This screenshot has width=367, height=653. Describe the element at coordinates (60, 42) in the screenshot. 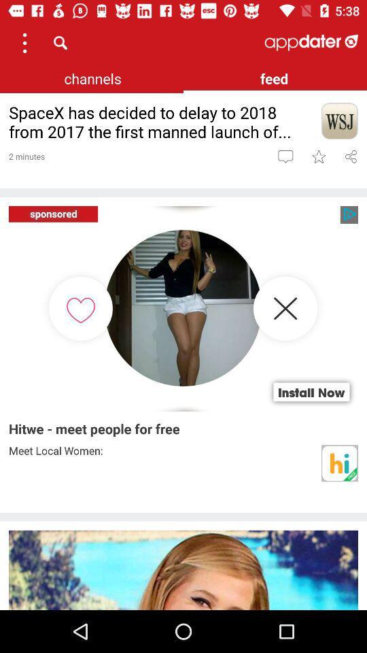

I see `the search icon` at that location.